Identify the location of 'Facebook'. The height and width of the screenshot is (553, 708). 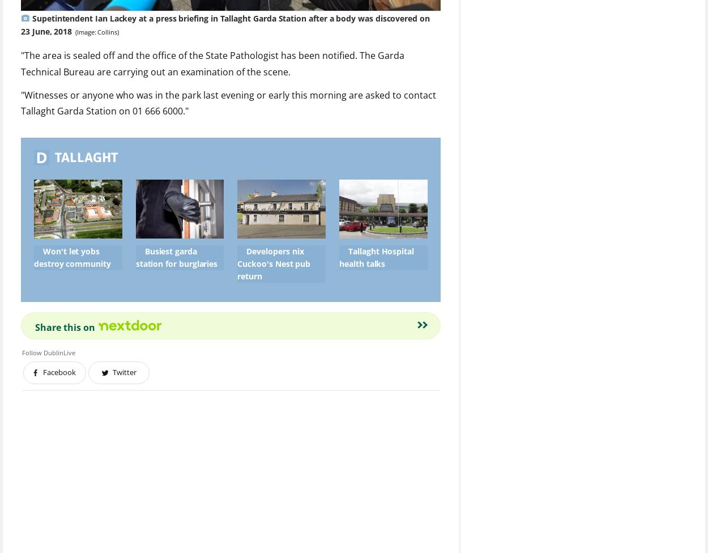
(59, 372).